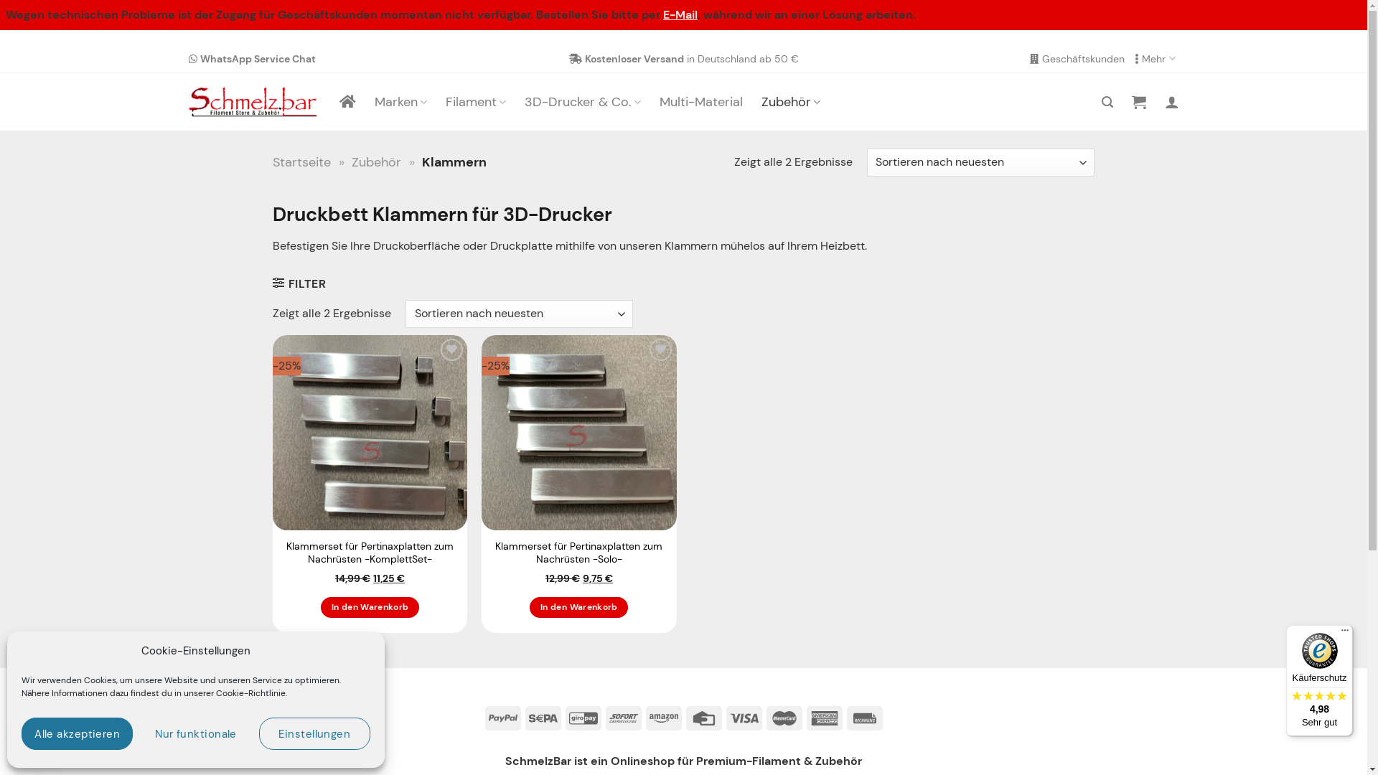  What do you see at coordinates (215, 692) in the screenshot?
I see `'Cookie-Richtlinie'` at bounding box center [215, 692].